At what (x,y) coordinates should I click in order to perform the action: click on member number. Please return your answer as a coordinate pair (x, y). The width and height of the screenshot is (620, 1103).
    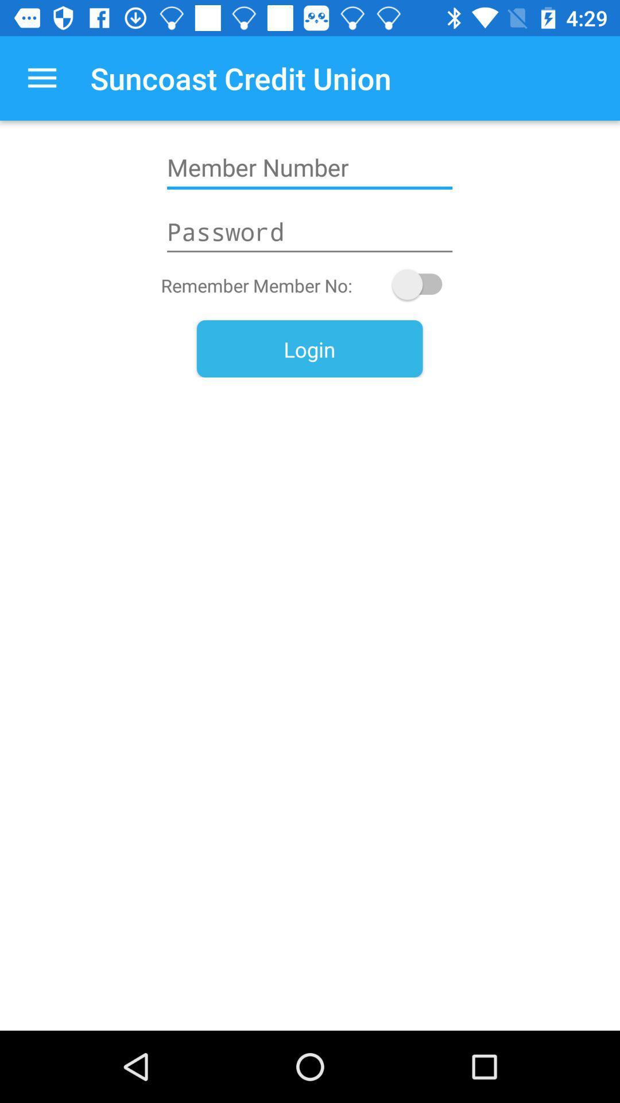
    Looking at the image, I should click on (309, 167).